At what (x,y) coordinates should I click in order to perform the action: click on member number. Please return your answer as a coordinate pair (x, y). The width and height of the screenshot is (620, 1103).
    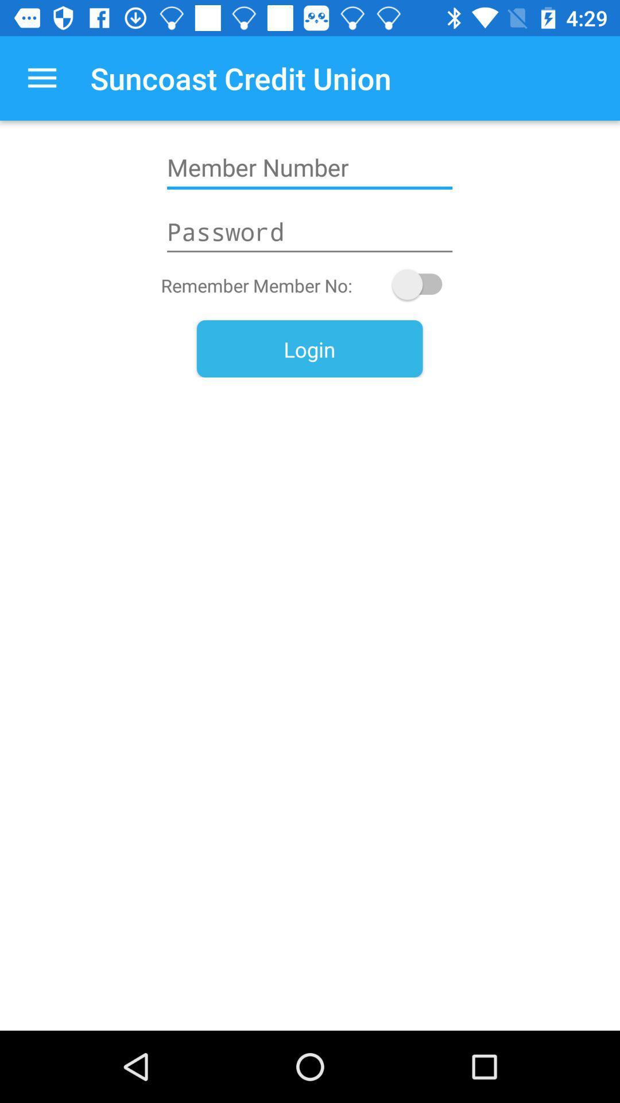
    Looking at the image, I should click on (309, 167).